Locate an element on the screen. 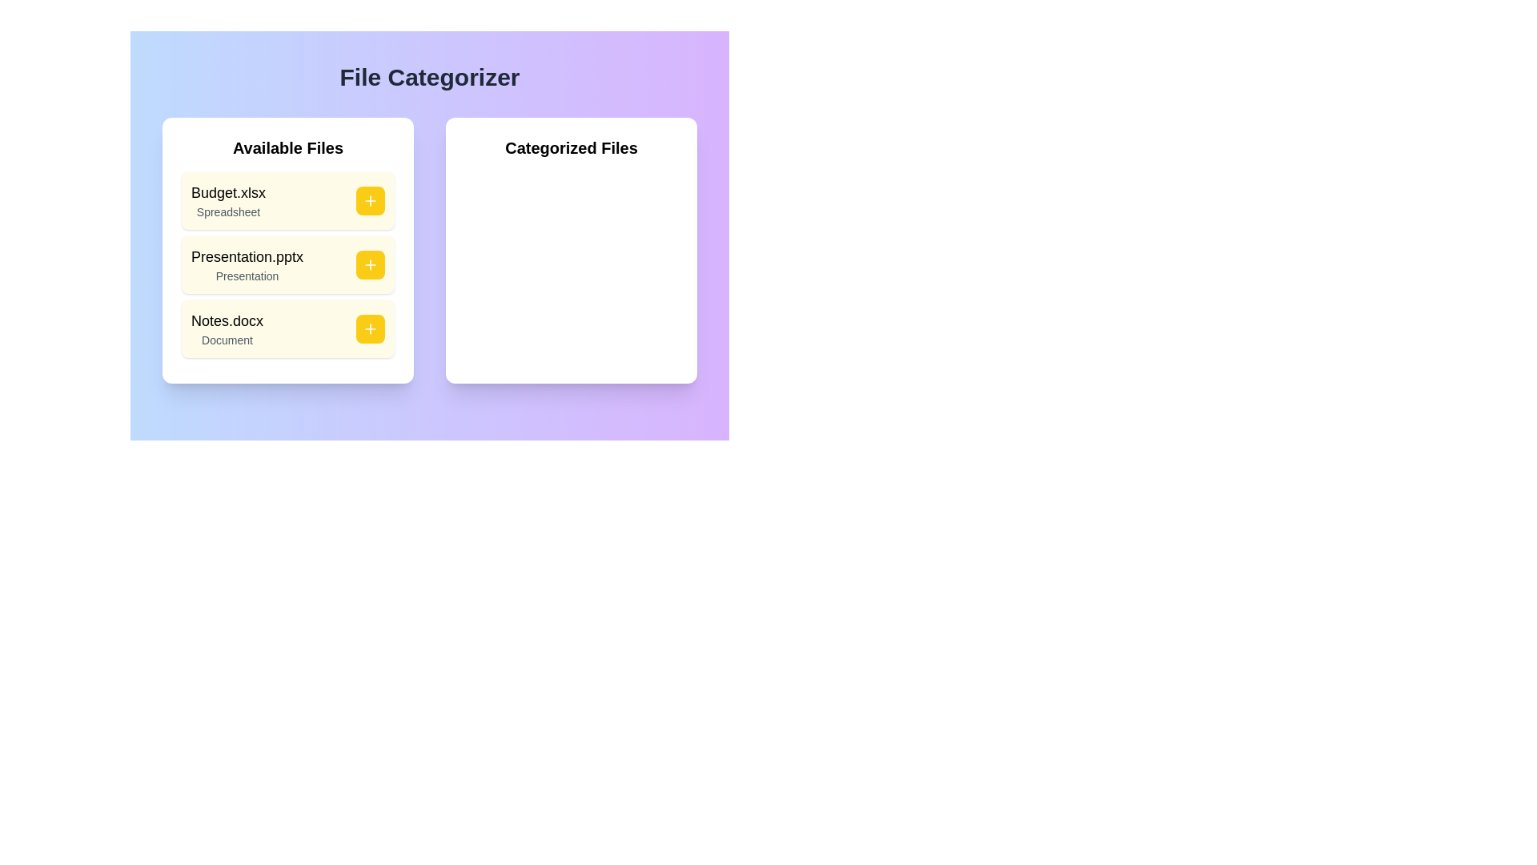  the interactive button associated with 'Notes.docx' located in the bottom-right corner of the third row in the 'Available Files' section is located at coordinates (369, 328).